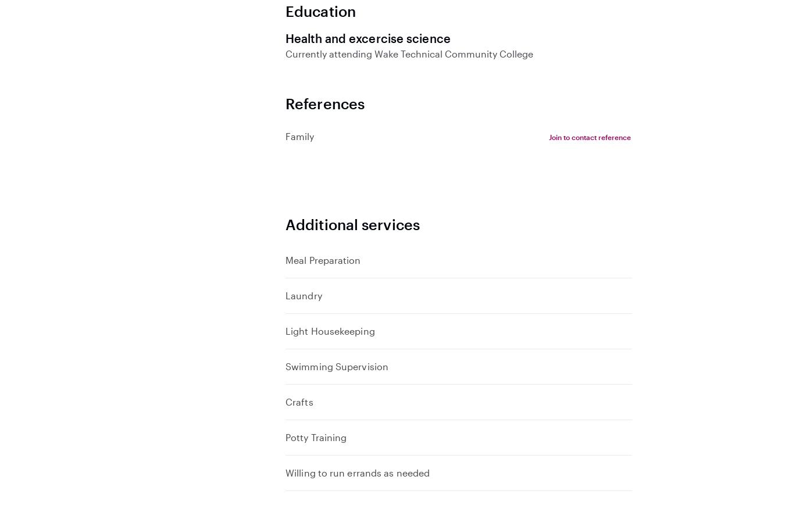 The height and width of the screenshot is (505, 785). I want to click on 'Light Housekeeping', so click(330, 330).